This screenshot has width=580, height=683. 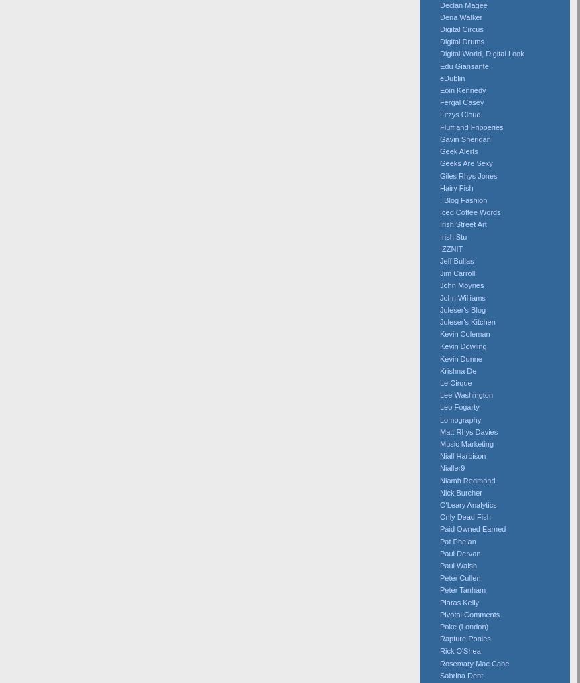 I want to click on 'Hairy Fish', so click(x=455, y=186).